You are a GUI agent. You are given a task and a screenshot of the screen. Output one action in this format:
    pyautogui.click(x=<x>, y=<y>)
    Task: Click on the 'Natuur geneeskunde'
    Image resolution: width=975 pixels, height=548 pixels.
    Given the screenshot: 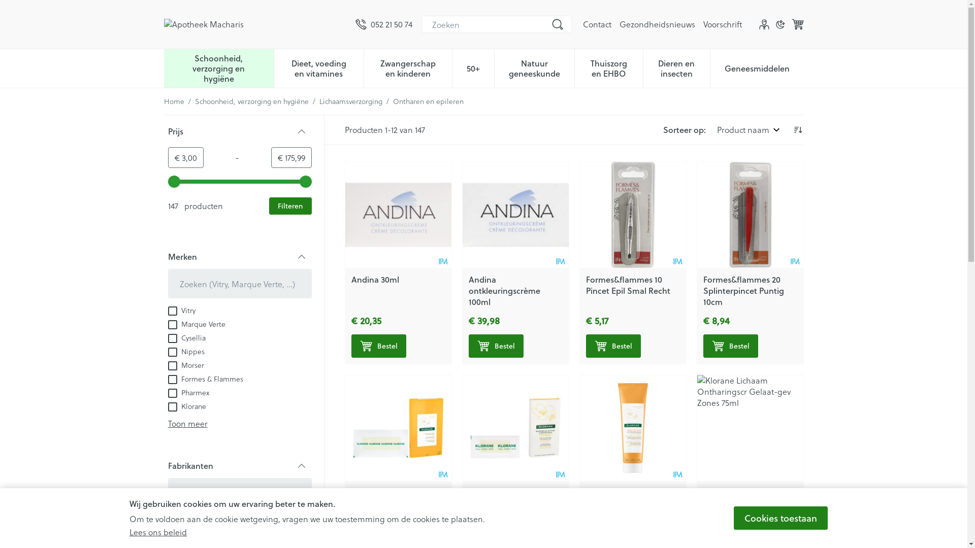 What is the action you would take?
    pyautogui.click(x=534, y=67)
    